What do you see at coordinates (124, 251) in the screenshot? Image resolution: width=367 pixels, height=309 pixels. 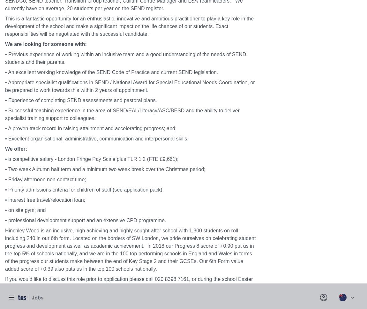 I see `'Tes research panel'` at bounding box center [124, 251].